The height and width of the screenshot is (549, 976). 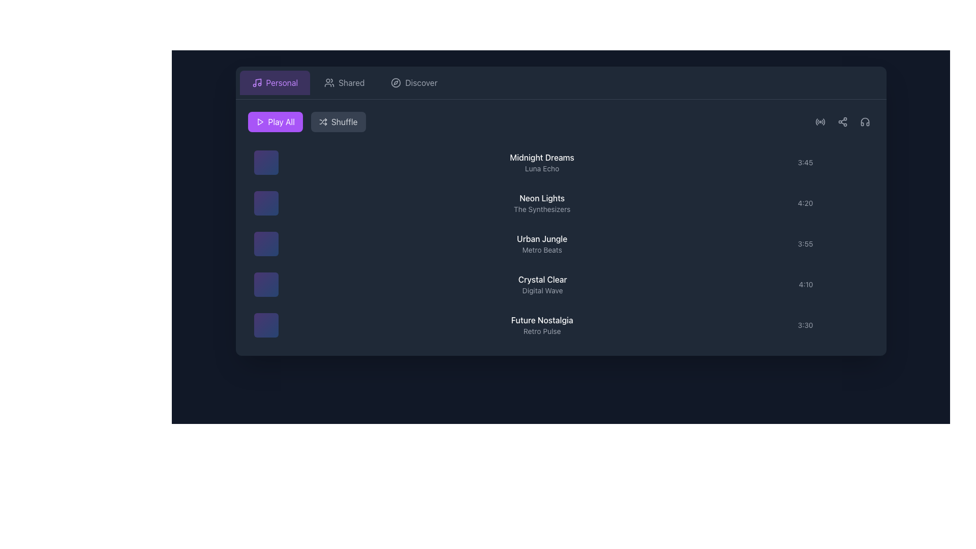 What do you see at coordinates (560, 243) in the screenshot?
I see `the list item labeled 'Urban Jungle' by 'Metro Beats'` at bounding box center [560, 243].